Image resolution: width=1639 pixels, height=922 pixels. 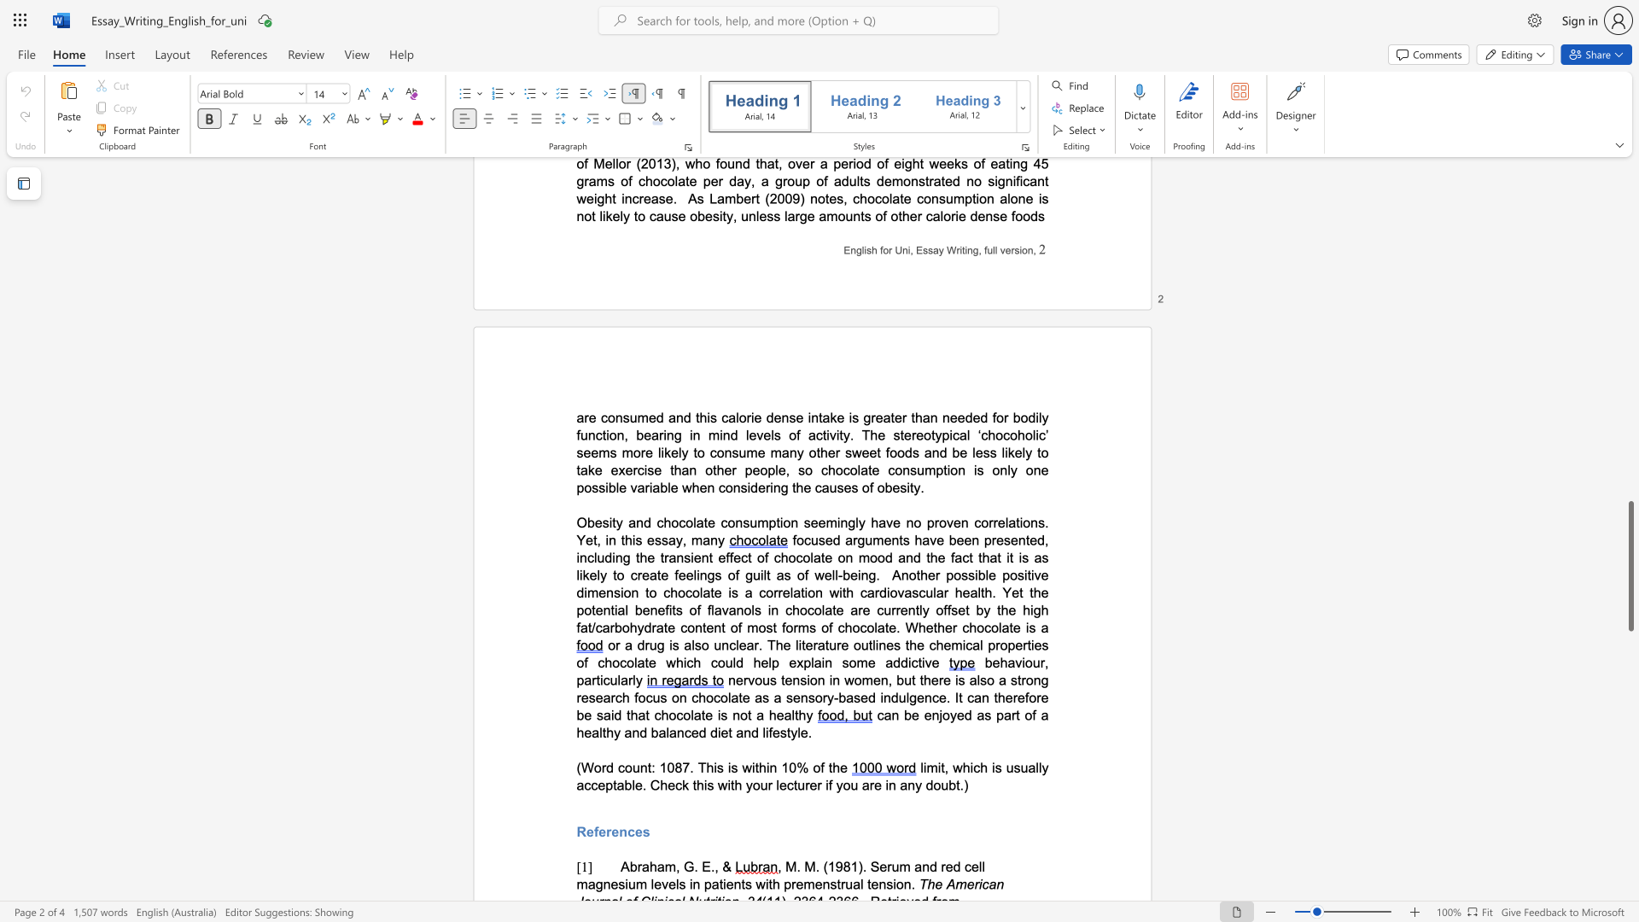 What do you see at coordinates (1630, 358) in the screenshot?
I see `the scrollbar to move the view up` at bounding box center [1630, 358].